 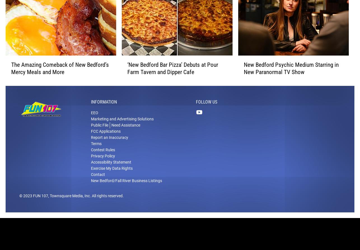 What do you see at coordinates (90, 132) in the screenshot?
I see `'Public File'` at bounding box center [90, 132].